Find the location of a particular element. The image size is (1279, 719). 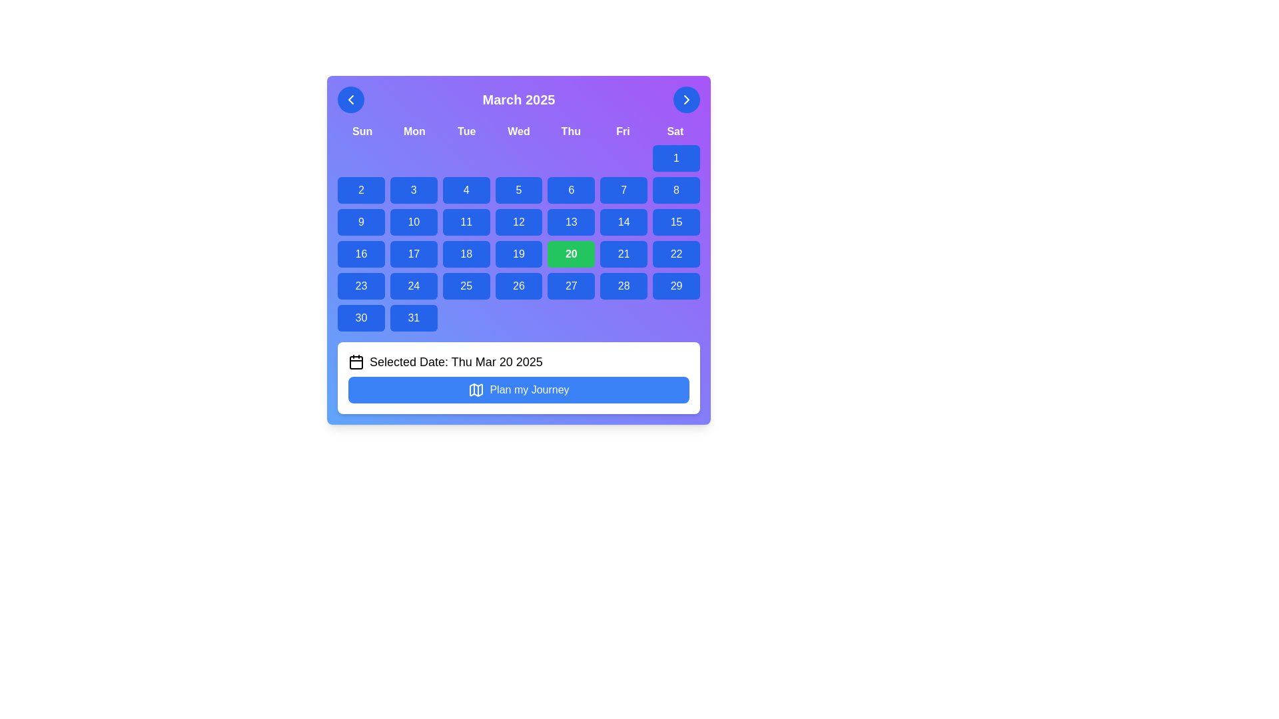

the rectangular blue button labeled '28' in the calendar grid is located at coordinates (623, 285).